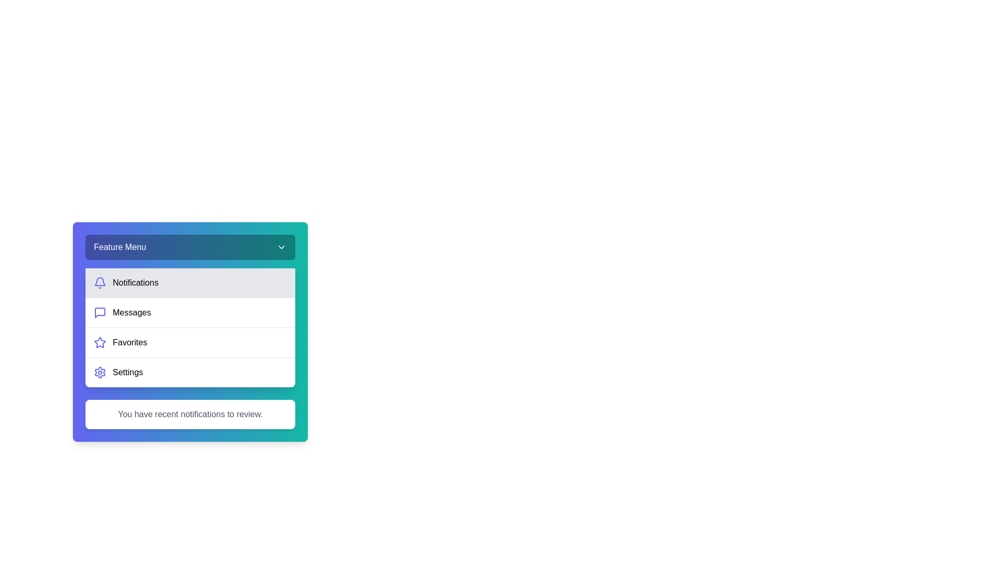 This screenshot has width=1007, height=566. I want to click on the 'Messages' icon in the dropdown menu, so click(100, 312).